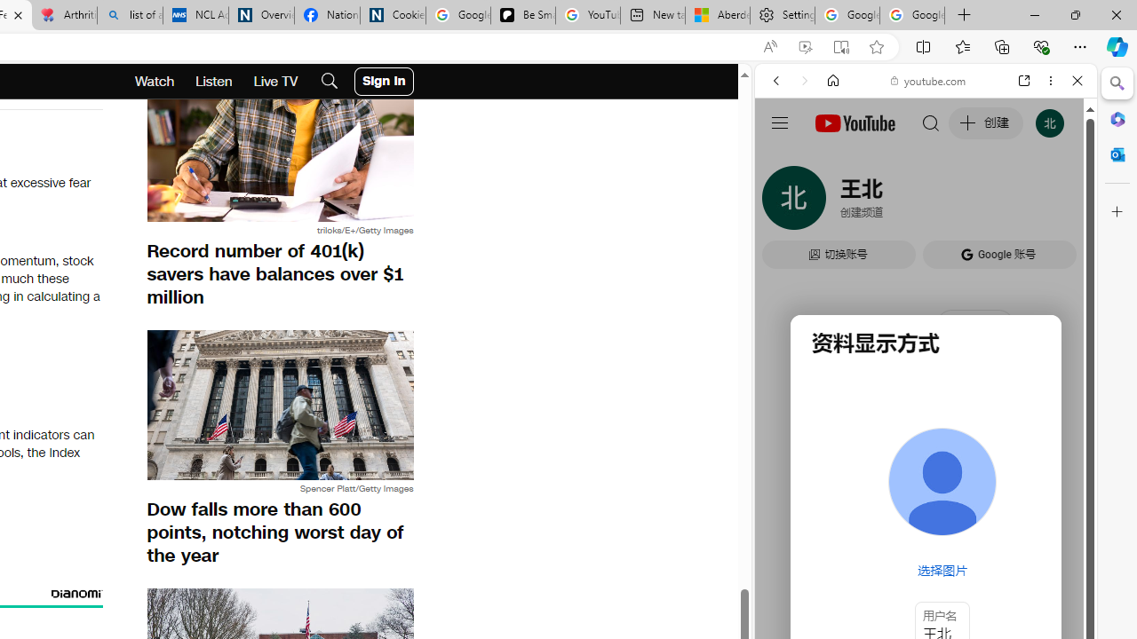 Image resolution: width=1137 pixels, height=639 pixels. What do you see at coordinates (894, 201) in the screenshot?
I see `'Search Filter, VIDEOS'` at bounding box center [894, 201].